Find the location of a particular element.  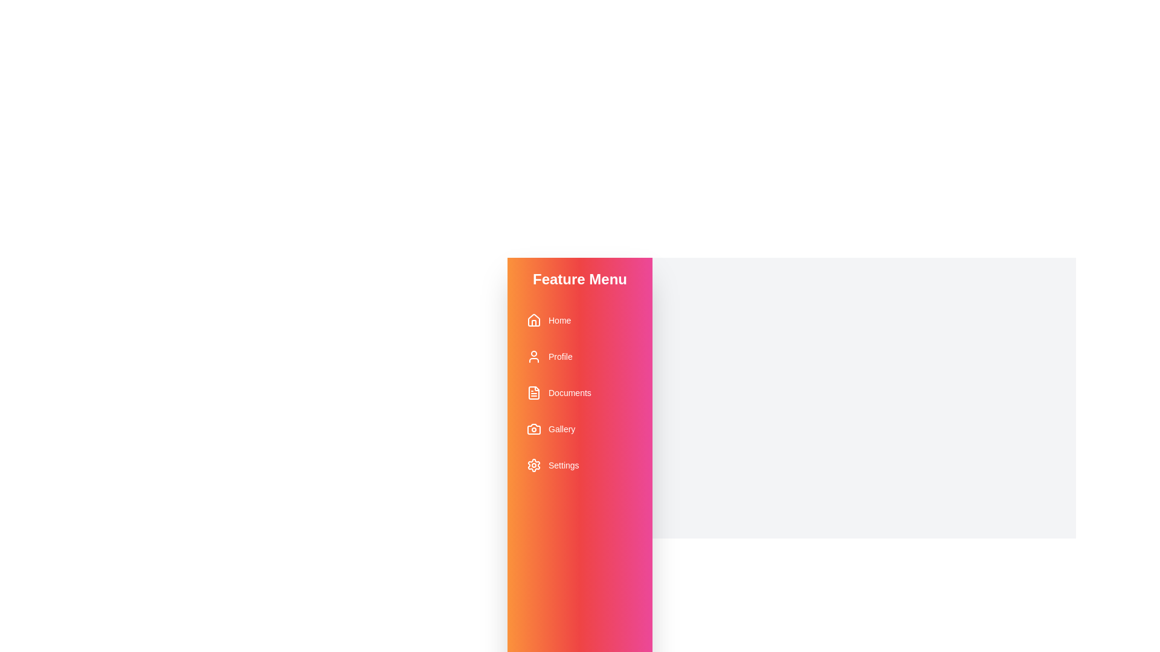

the 'Close Drawer' button to toggle the drawer is located at coordinates (863, 554).